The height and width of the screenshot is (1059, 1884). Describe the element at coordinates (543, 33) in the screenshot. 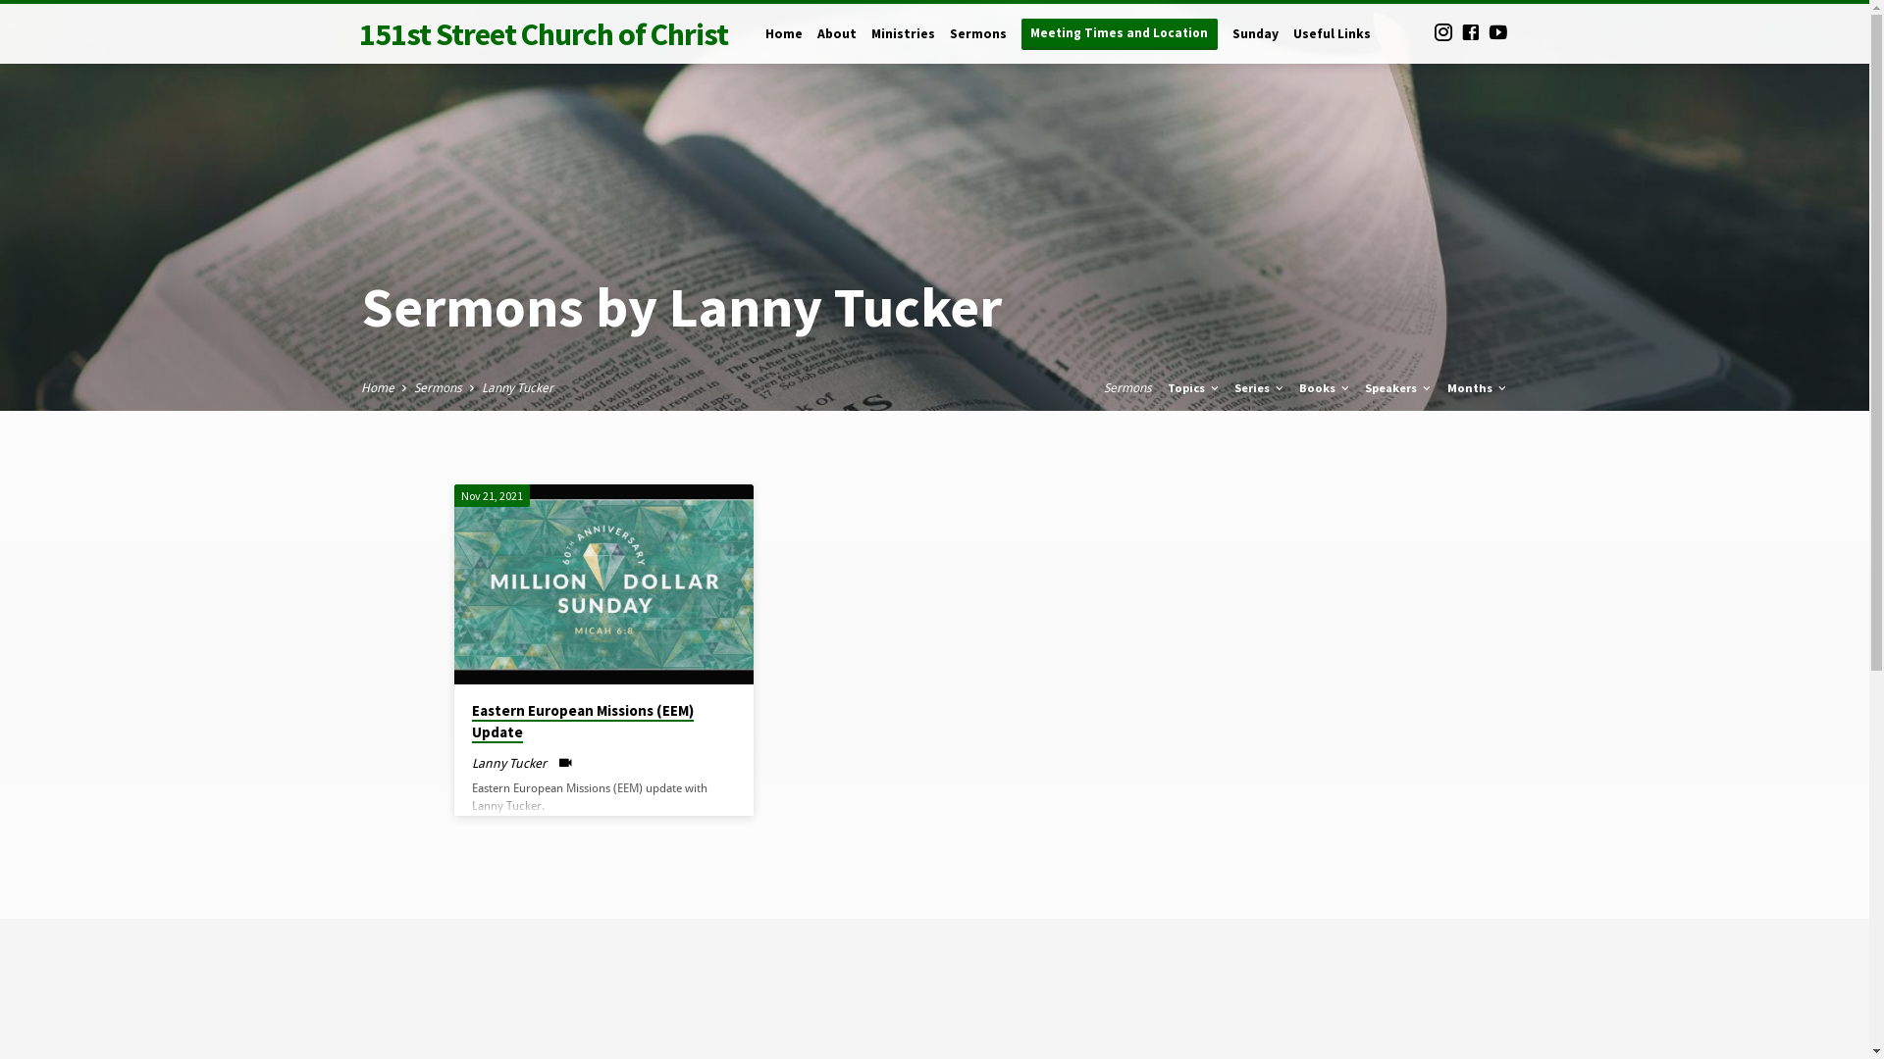

I see `'151st Street Church of Christ'` at that location.